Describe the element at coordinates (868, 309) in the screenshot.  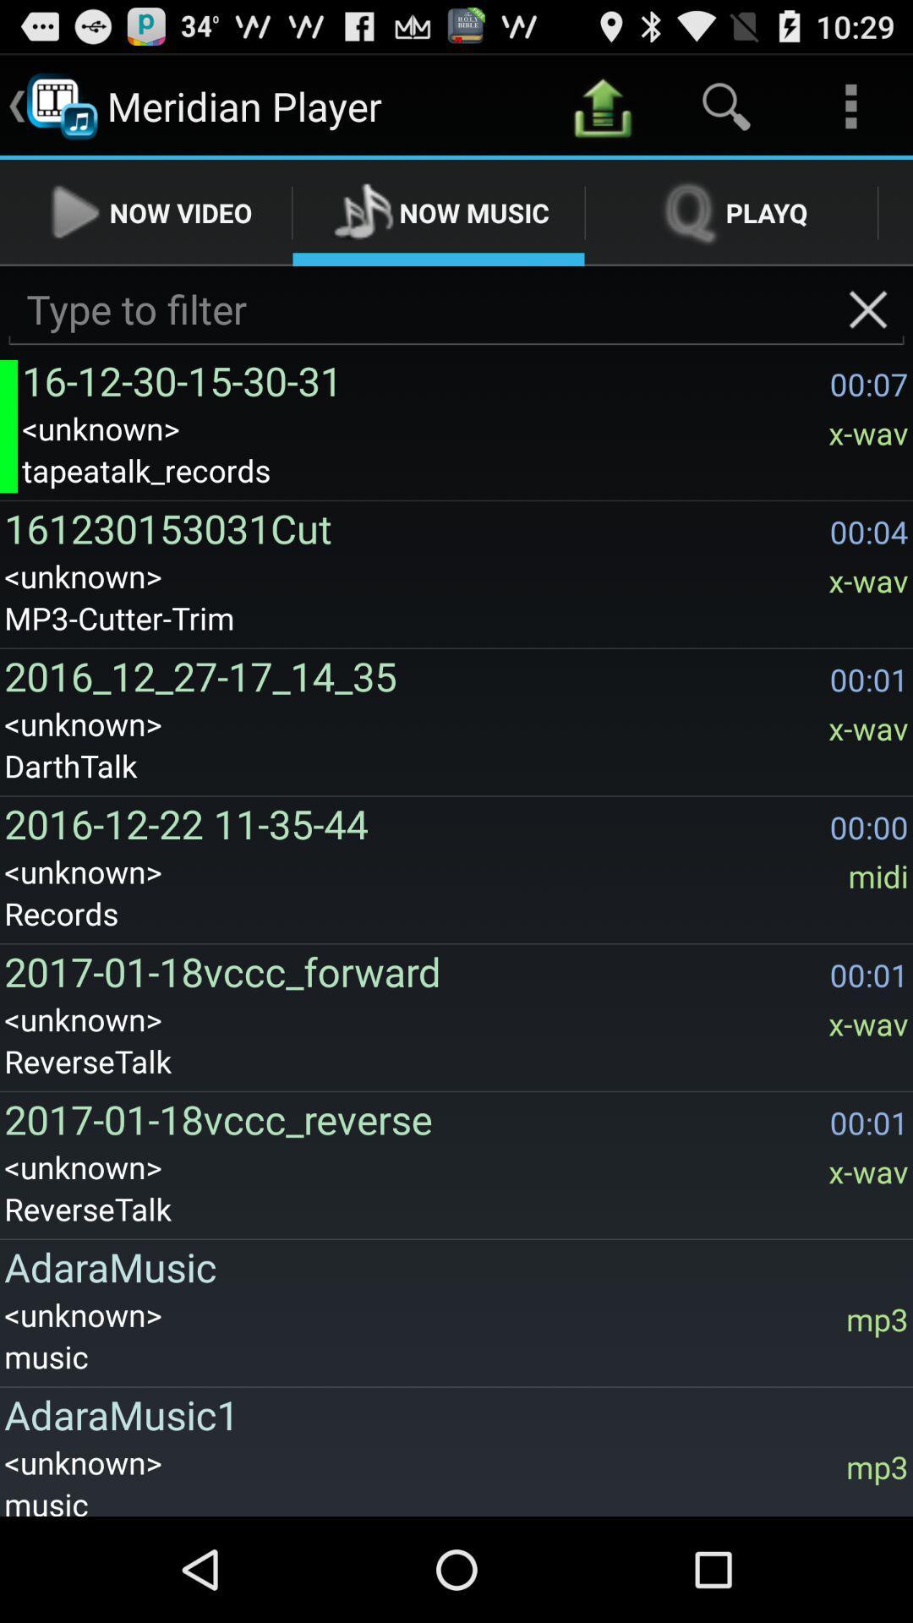
I see `quit for menu` at that location.